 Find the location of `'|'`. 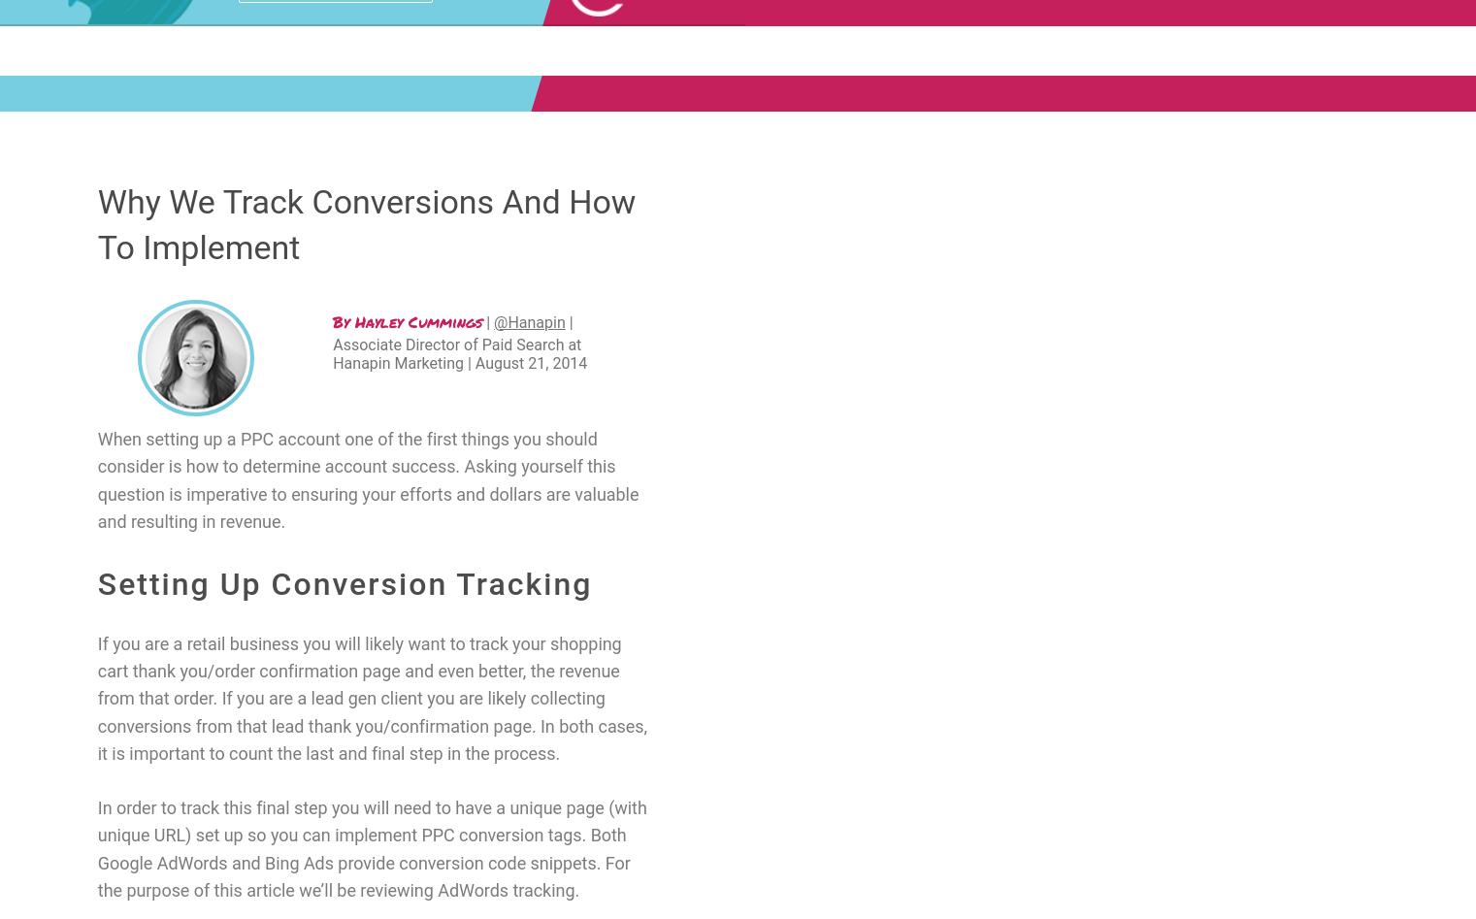

'|' is located at coordinates (487, 321).